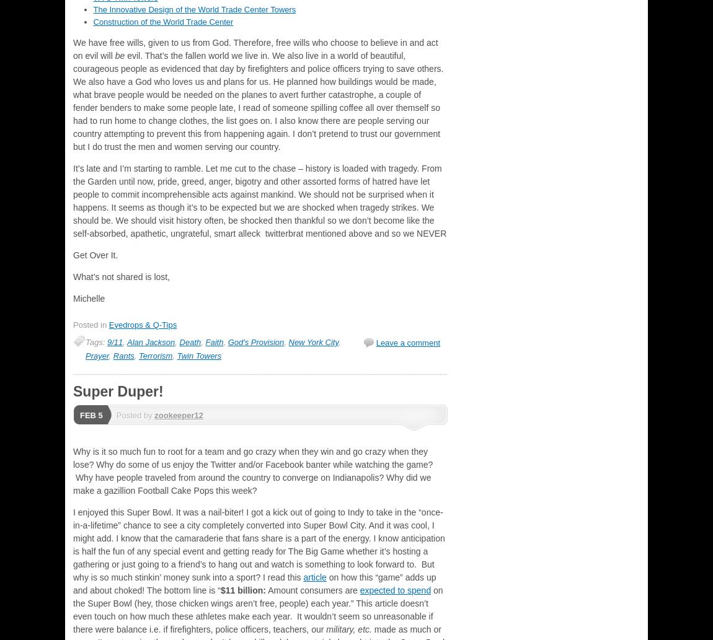 This screenshot has width=713, height=640. What do you see at coordinates (72, 276) in the screenshot?
I see `'What’s not shared is lost,'` at bounding box center [72, 276].